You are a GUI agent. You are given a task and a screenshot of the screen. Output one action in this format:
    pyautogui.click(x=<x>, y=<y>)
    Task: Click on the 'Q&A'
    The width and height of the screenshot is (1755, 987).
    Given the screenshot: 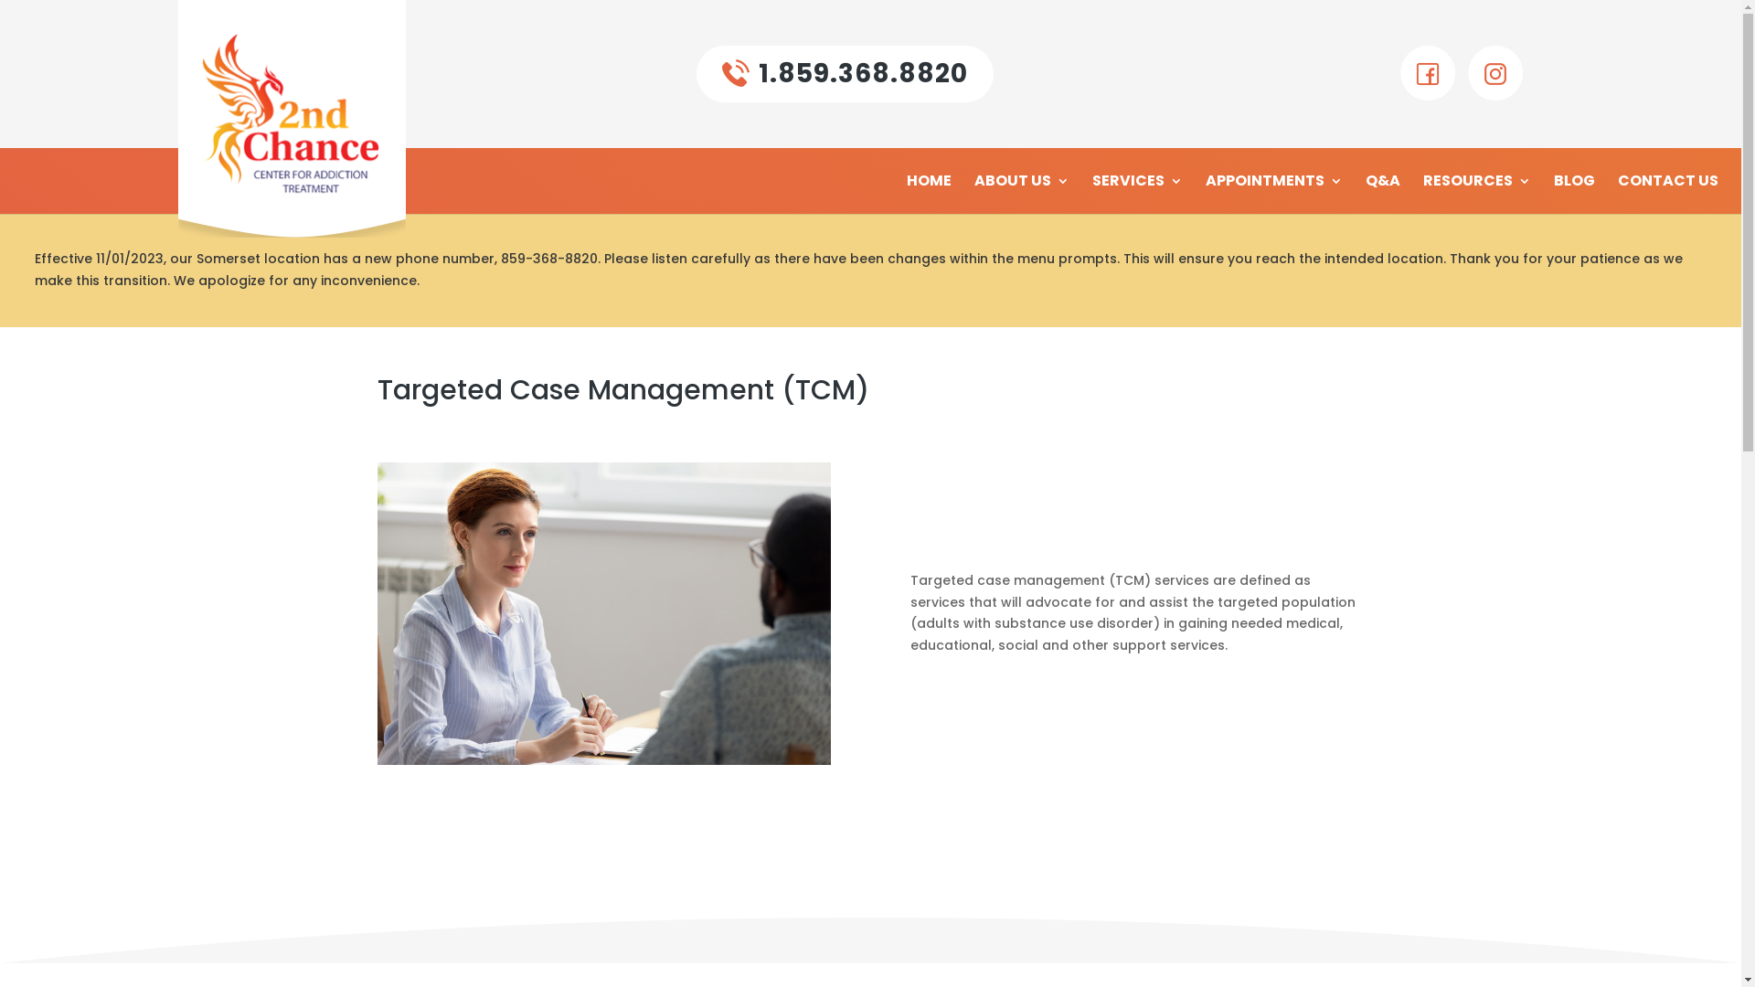 What is the action you would take?
    pyautogui.click(x=1382, y=194)
    